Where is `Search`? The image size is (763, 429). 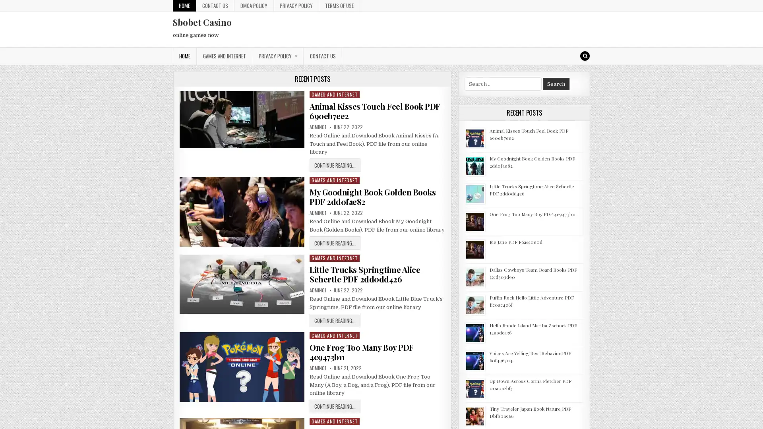 Search is located at coordinates (556, 84).